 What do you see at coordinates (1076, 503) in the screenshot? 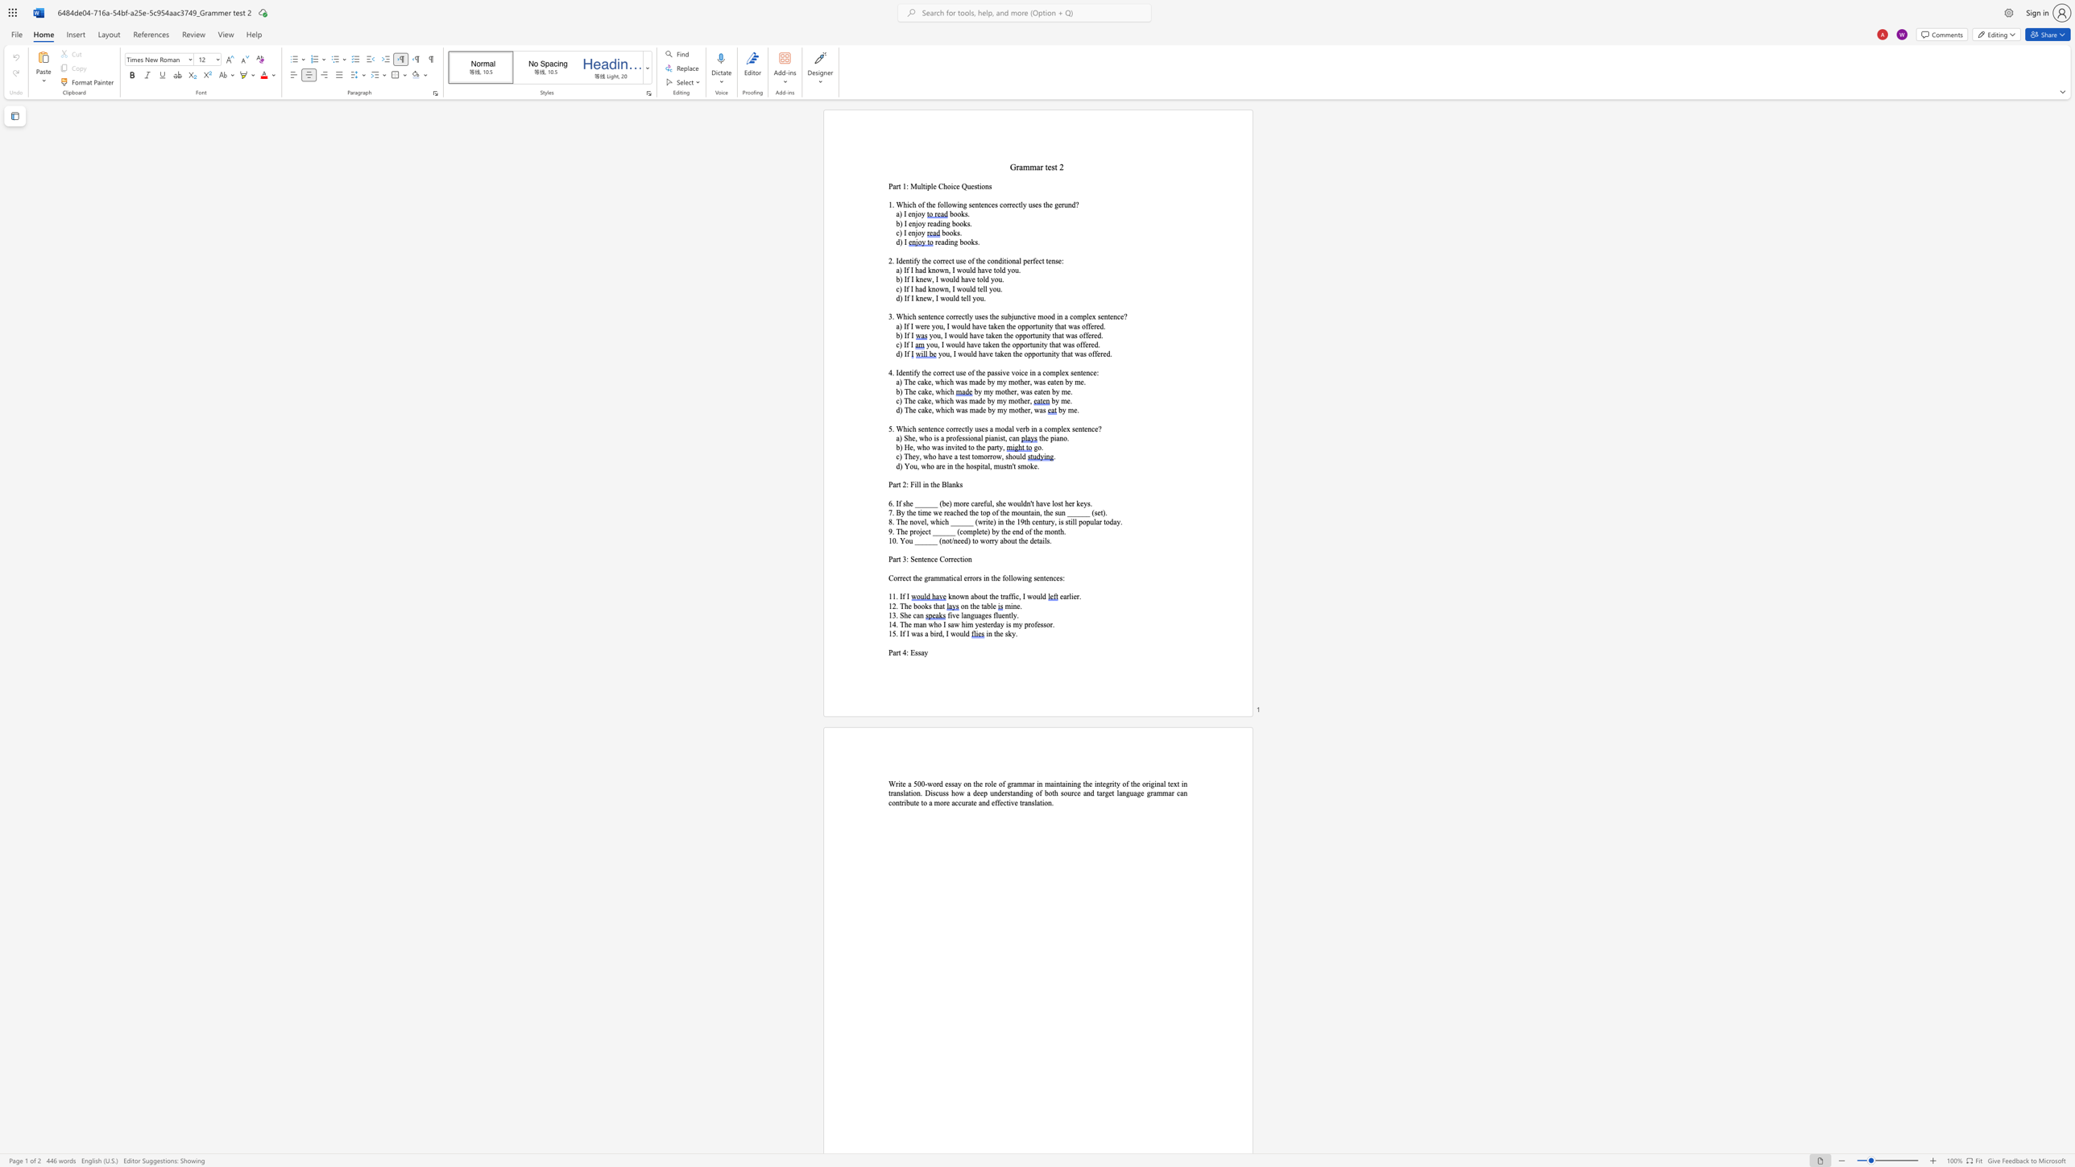
I see `the subset text "key" within the text "have lost her keys."` at bounding box center [1076, 503].